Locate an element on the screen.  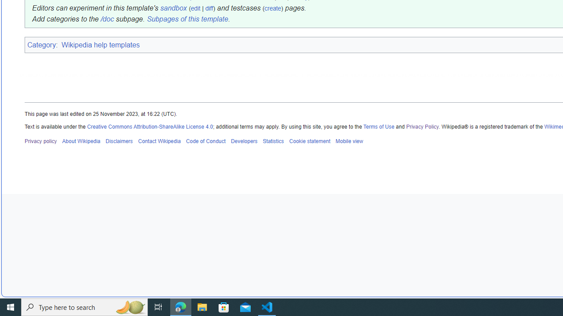
'Category' is located at coordinates (41, 44).